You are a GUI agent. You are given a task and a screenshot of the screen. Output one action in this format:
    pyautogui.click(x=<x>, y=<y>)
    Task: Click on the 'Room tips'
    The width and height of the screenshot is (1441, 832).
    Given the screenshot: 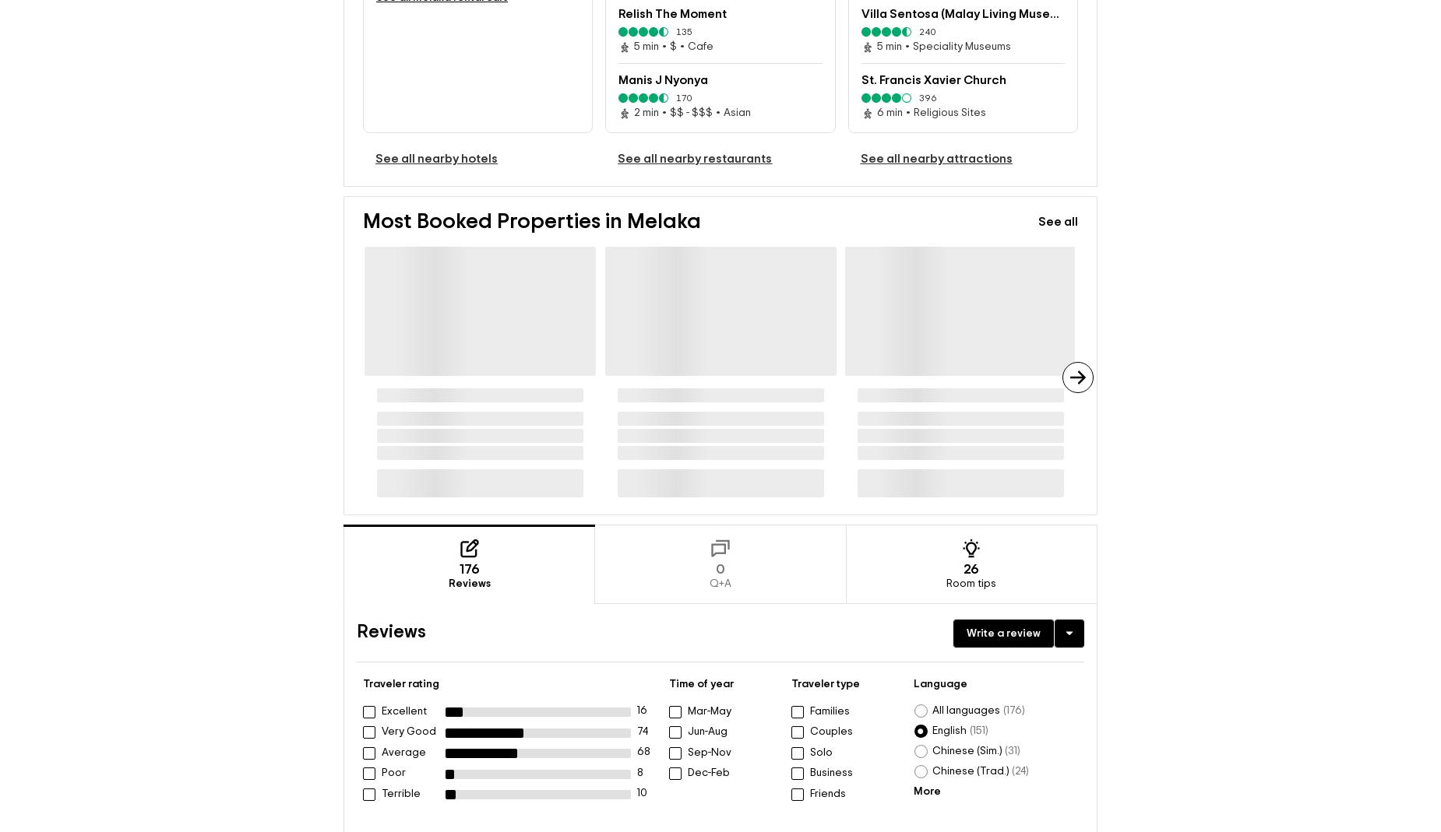 What is the action you would take?
    pyautogui.click(x=971, y=584)
    